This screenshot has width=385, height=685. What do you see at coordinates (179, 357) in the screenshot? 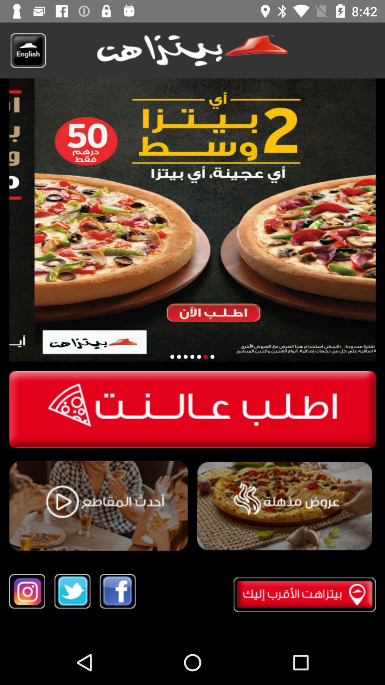
I see `next queued image` at bounding box center [179, 357].